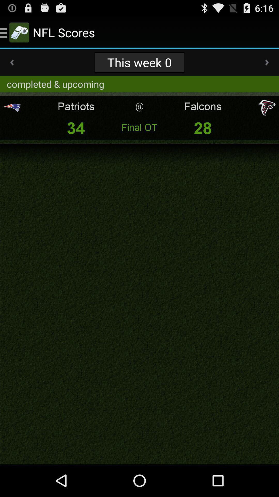 This screenshot has height=497, width=279. I want to click on item next to this week 0 item, so click(12, 62).